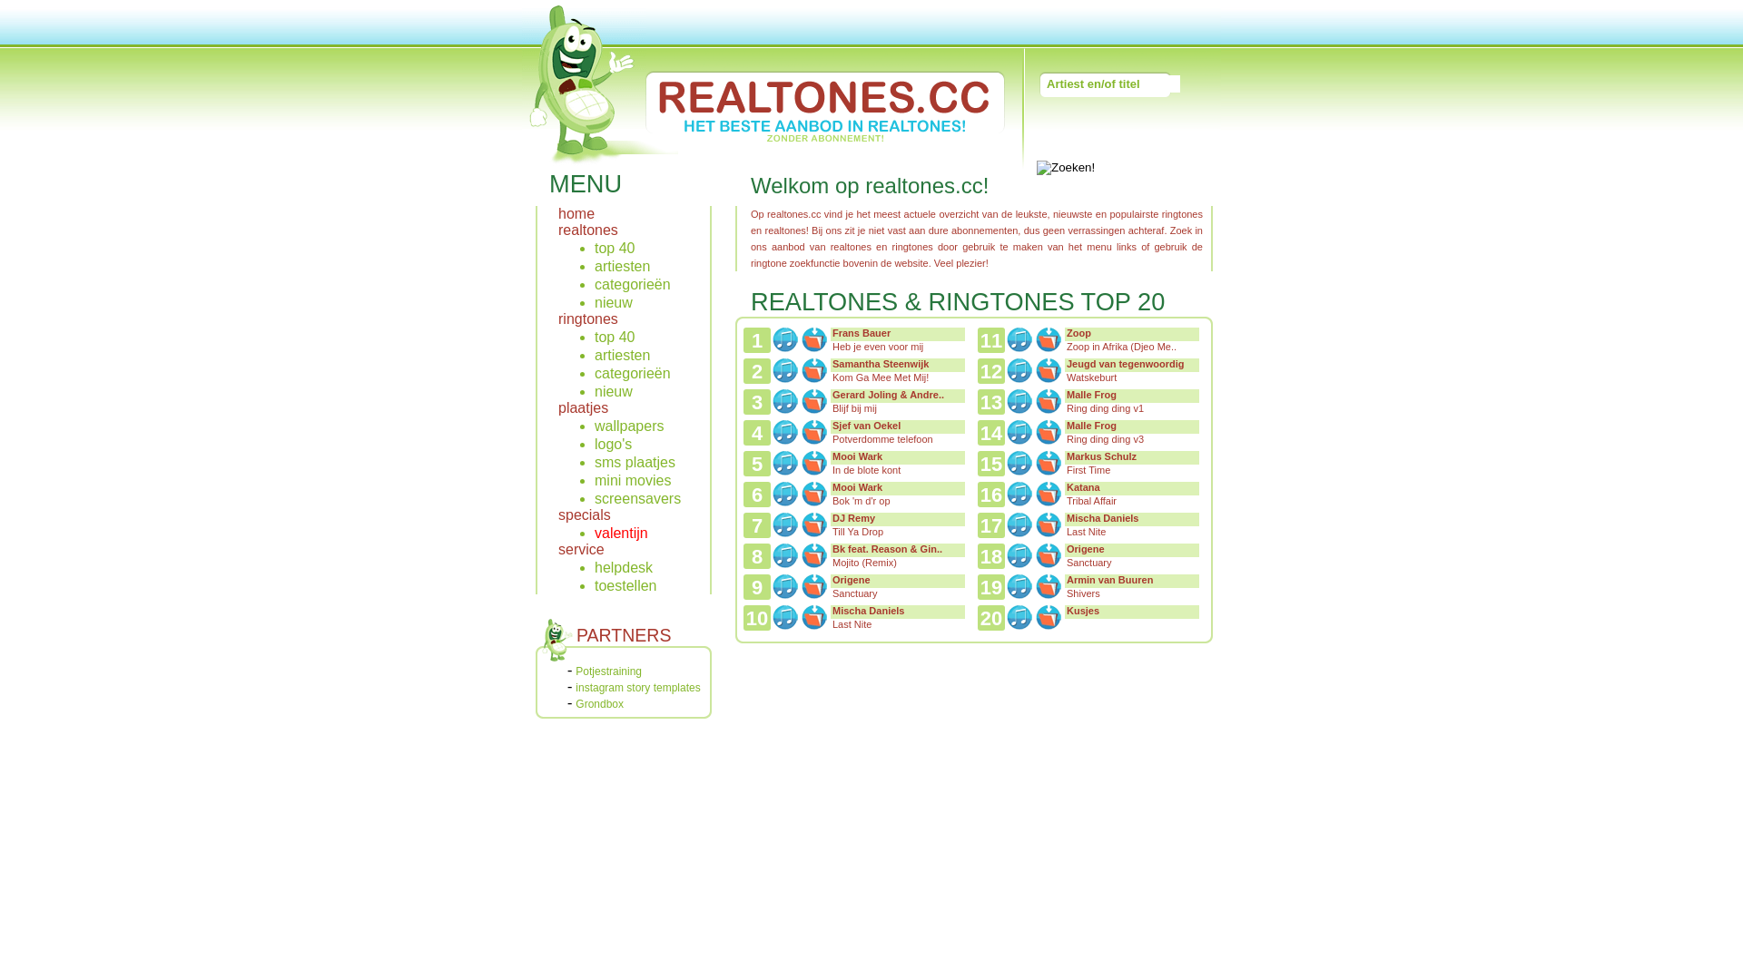 The width and height of the screenshot is (1743, 980). Describe the element at coordinates (613, 444) in the screenshot. I see `'logo's'` at that location.